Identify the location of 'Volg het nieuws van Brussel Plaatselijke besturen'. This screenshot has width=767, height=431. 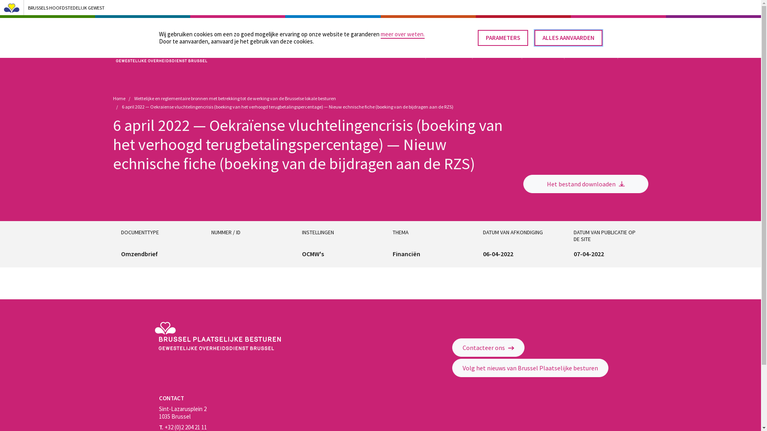
(530, 368).